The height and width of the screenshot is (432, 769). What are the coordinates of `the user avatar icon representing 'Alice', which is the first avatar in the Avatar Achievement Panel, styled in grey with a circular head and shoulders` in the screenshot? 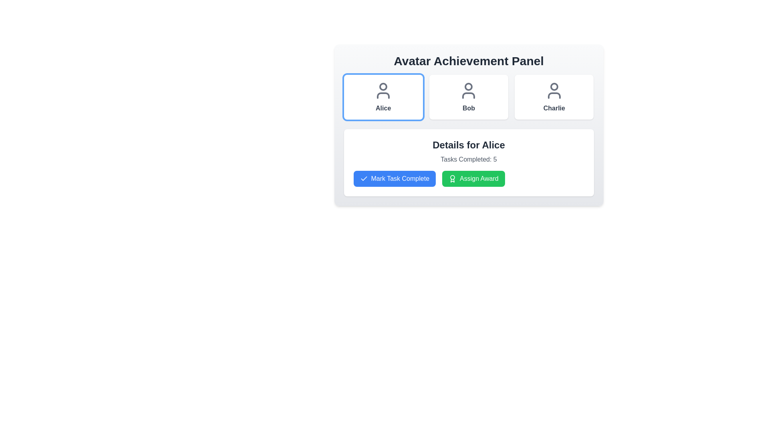 It's located at (383, 90).